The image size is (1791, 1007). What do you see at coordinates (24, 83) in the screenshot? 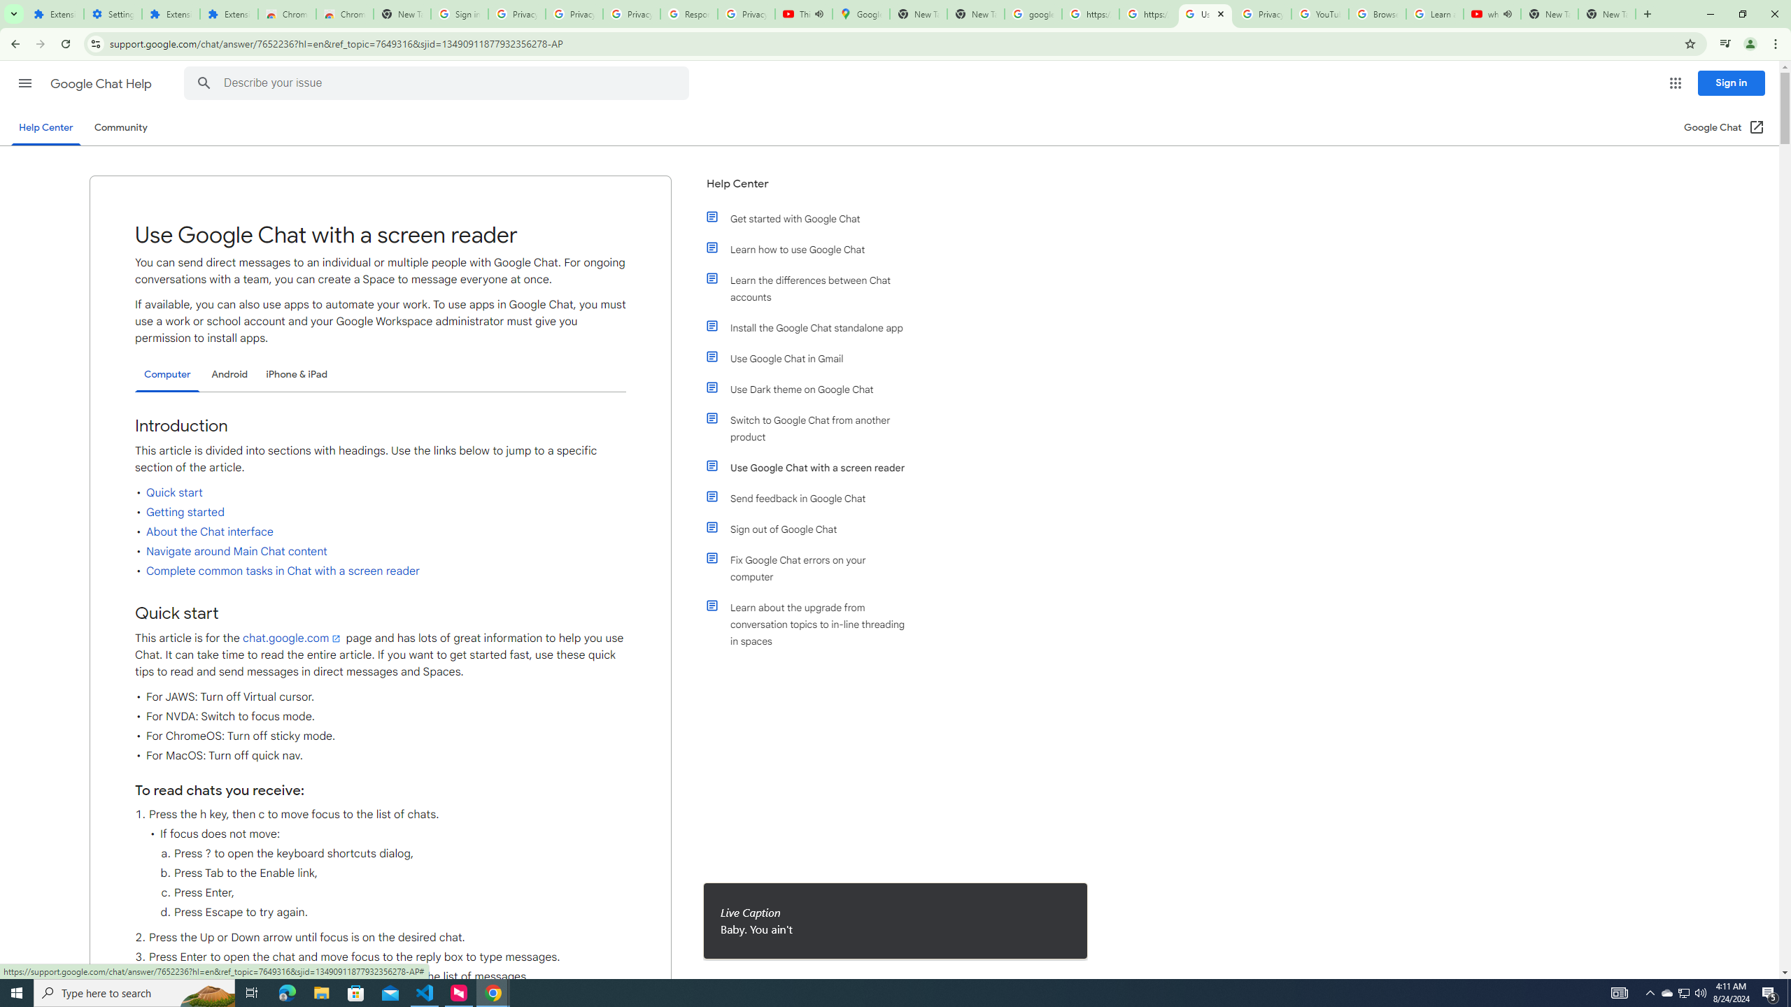
I see `'Main menu'` at bounding box center [24, 83].